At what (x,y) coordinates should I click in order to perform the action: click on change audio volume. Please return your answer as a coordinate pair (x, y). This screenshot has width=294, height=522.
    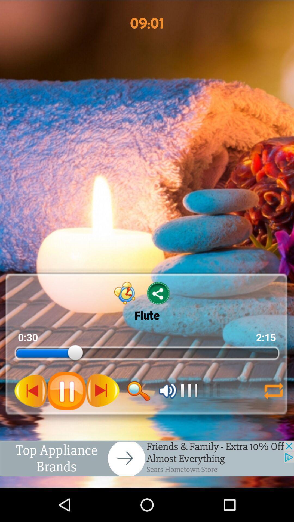
    Looking at the image, I should click on (168, 390).